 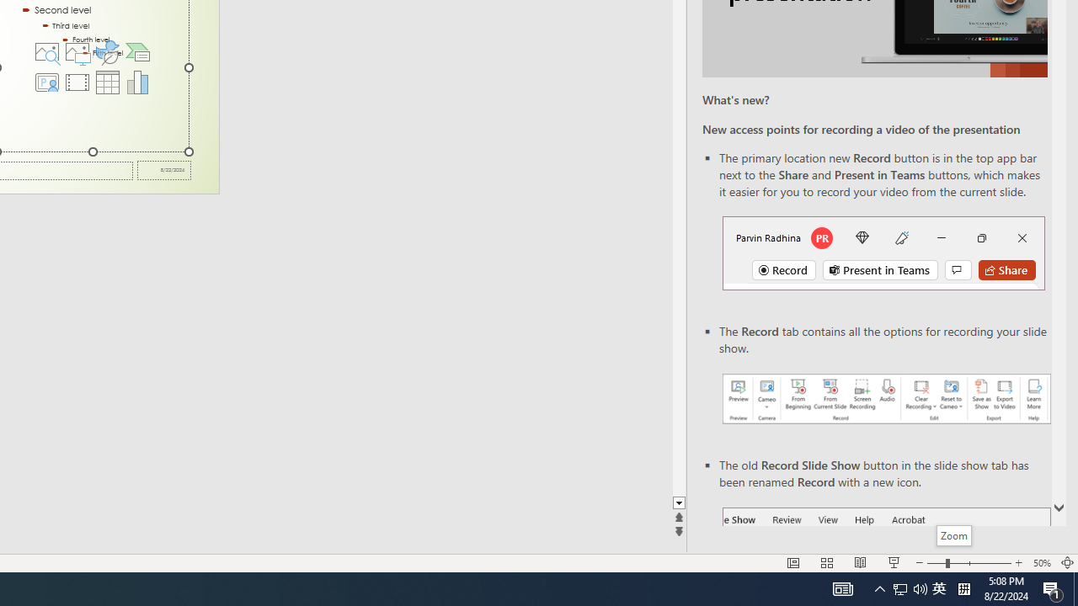 What do you see at coordinates (163, 170) in the screenshot?
I see `'Date'` at bounding box center [163, 170].